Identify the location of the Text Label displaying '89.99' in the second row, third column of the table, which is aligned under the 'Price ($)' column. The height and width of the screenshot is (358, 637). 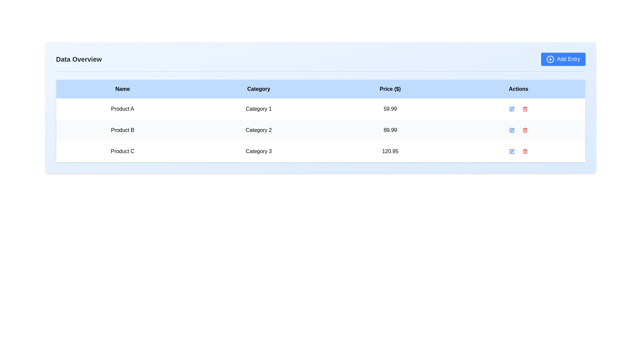
(390, 130).